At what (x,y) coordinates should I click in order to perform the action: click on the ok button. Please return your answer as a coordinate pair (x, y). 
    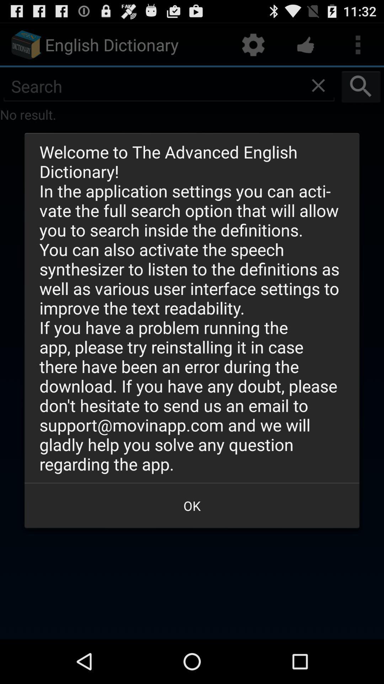
    Looking at the image, I should click on (192, 505).